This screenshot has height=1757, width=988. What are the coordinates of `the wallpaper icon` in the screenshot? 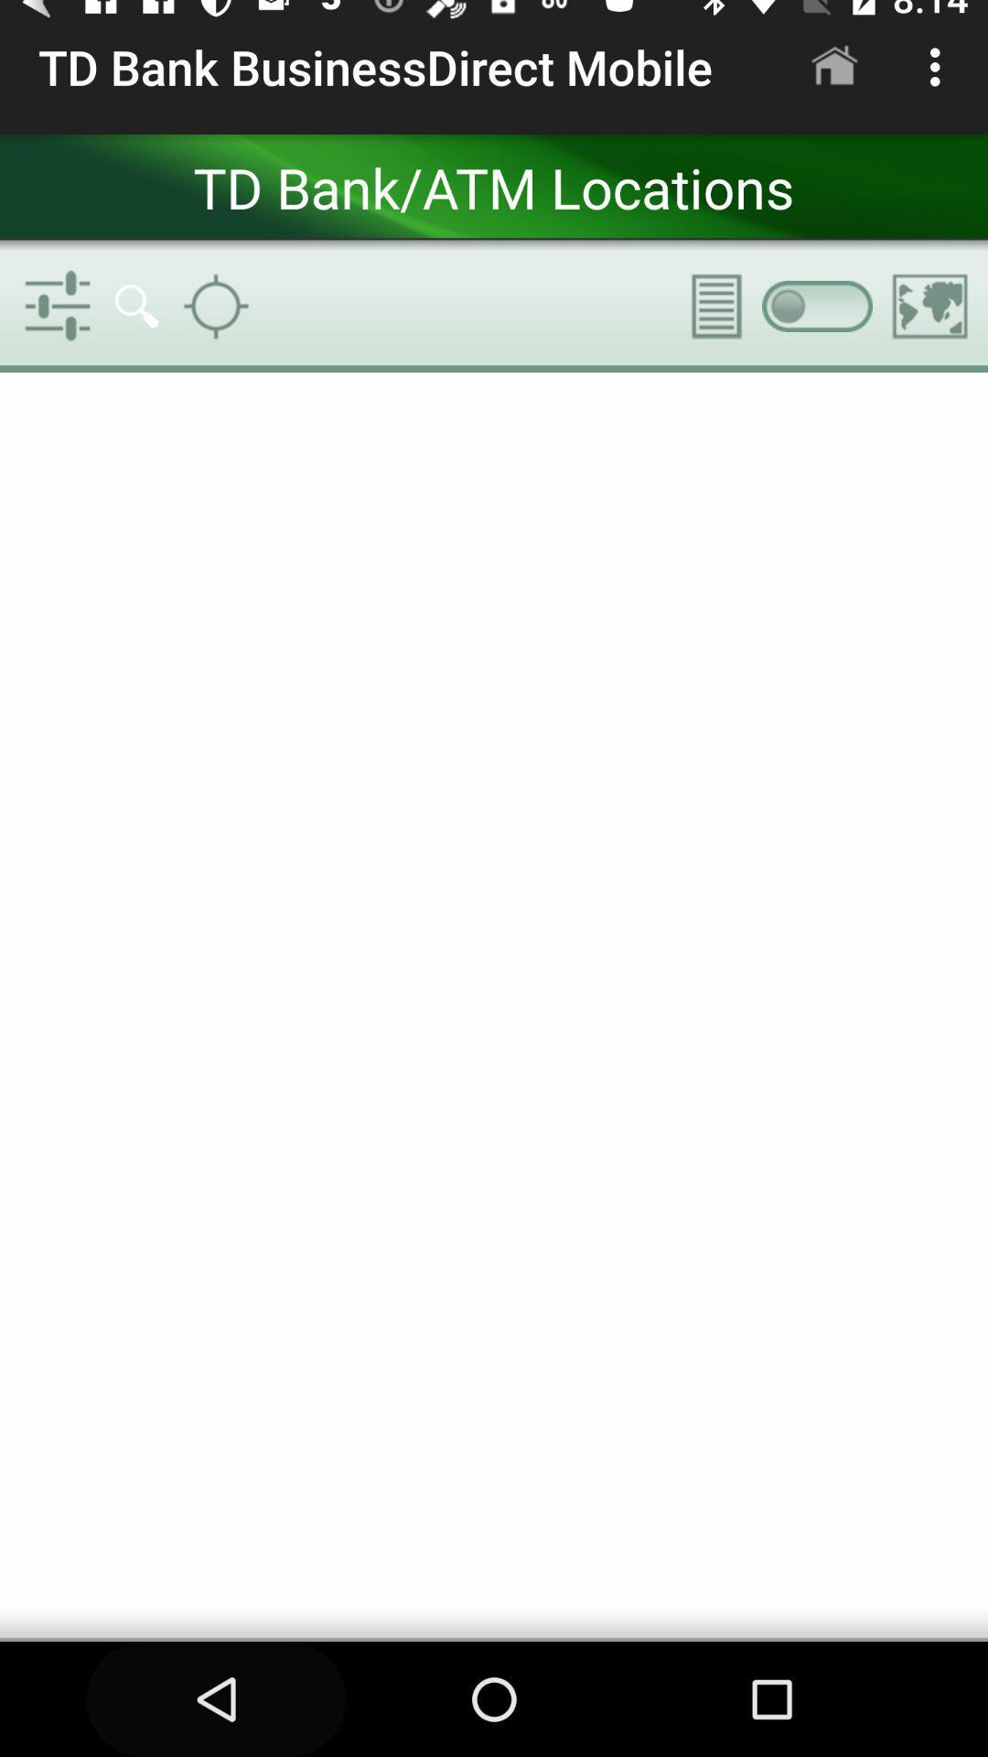 It's located at (930, 306).